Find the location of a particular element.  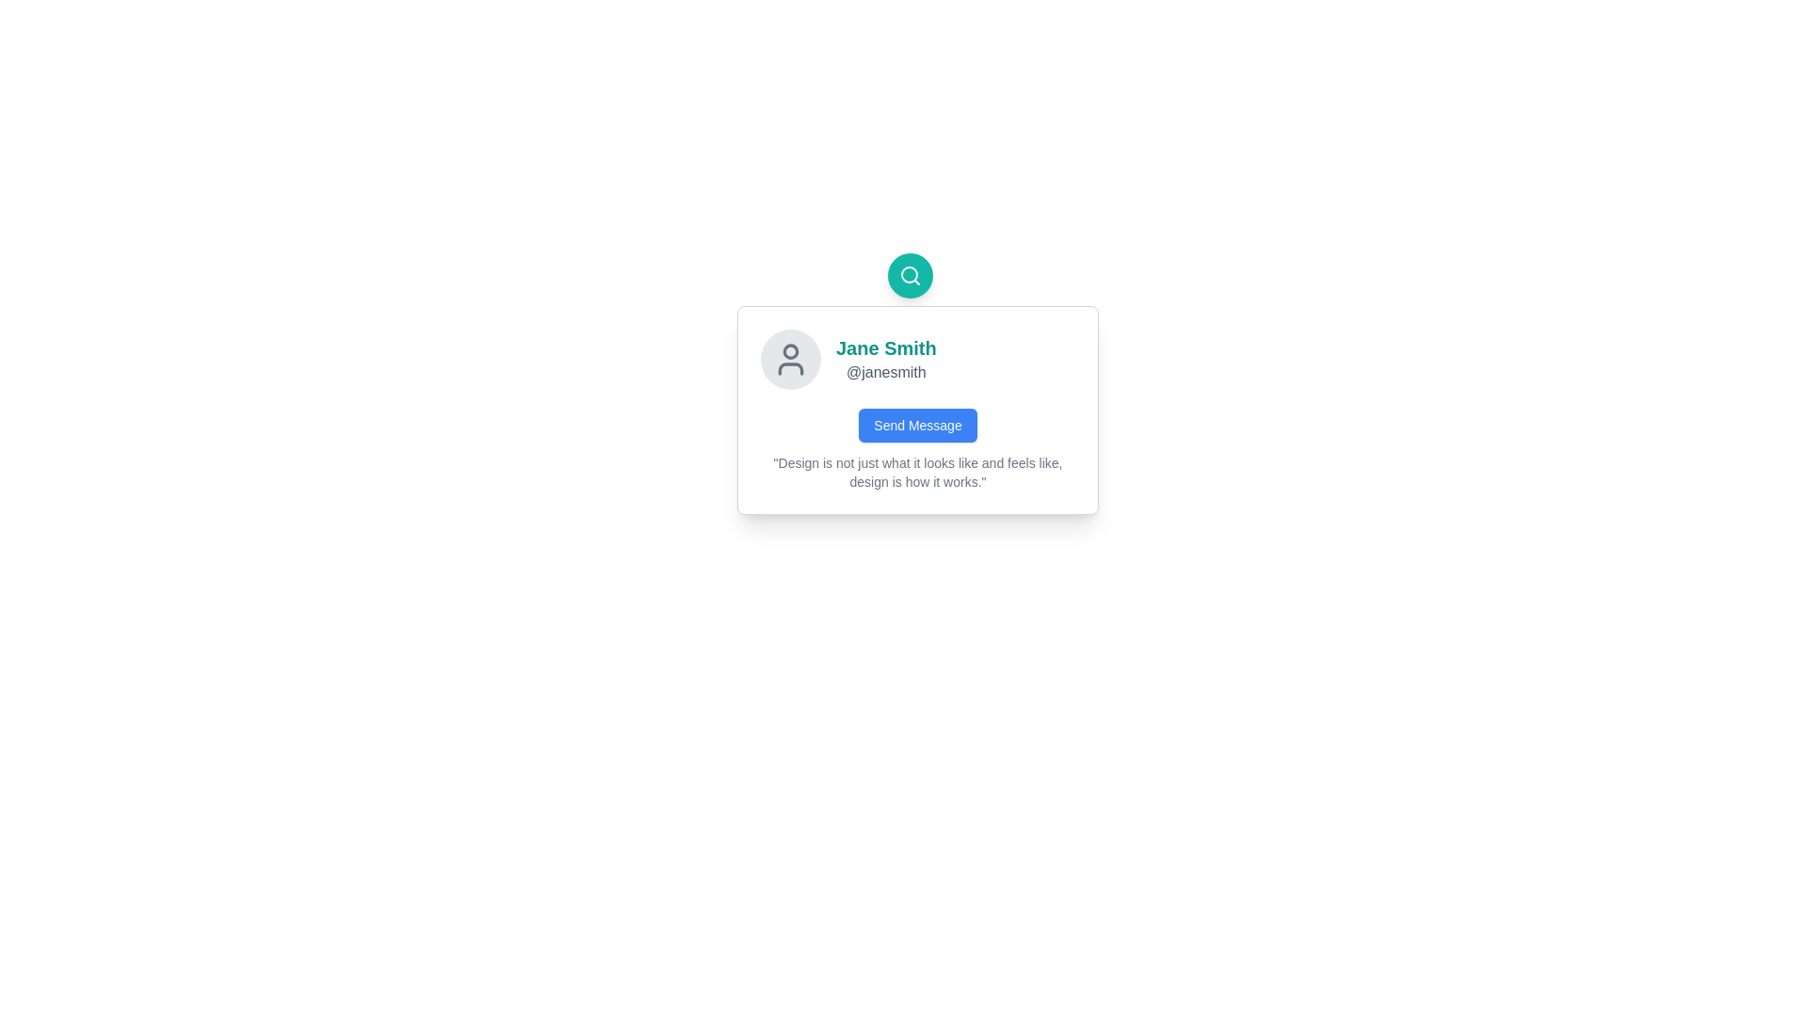

the circular lens element of the magnifying glass icon, which is positioned above the user information card in the interface is located at coordinates (909, 275).